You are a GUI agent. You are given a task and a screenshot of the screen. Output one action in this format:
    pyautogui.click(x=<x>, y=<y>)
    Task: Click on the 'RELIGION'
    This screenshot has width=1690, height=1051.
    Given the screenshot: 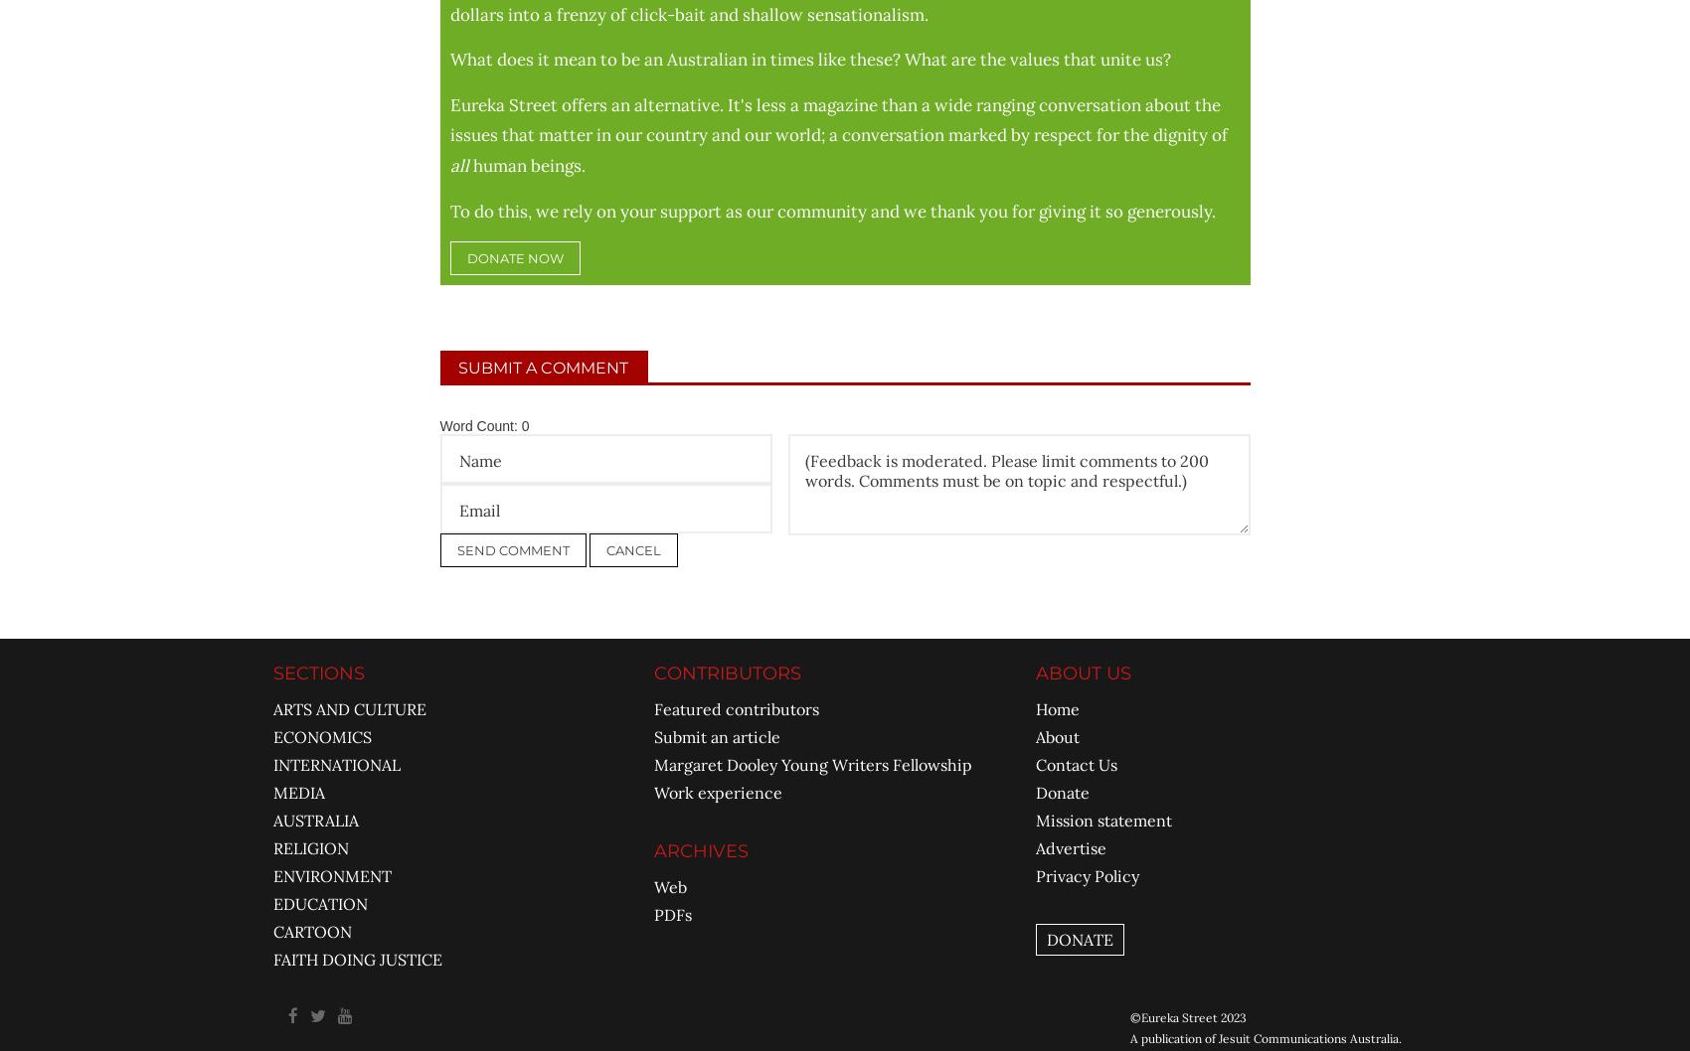 What is the action you would take?
    pyautogui.click(x=310, y=845)
    